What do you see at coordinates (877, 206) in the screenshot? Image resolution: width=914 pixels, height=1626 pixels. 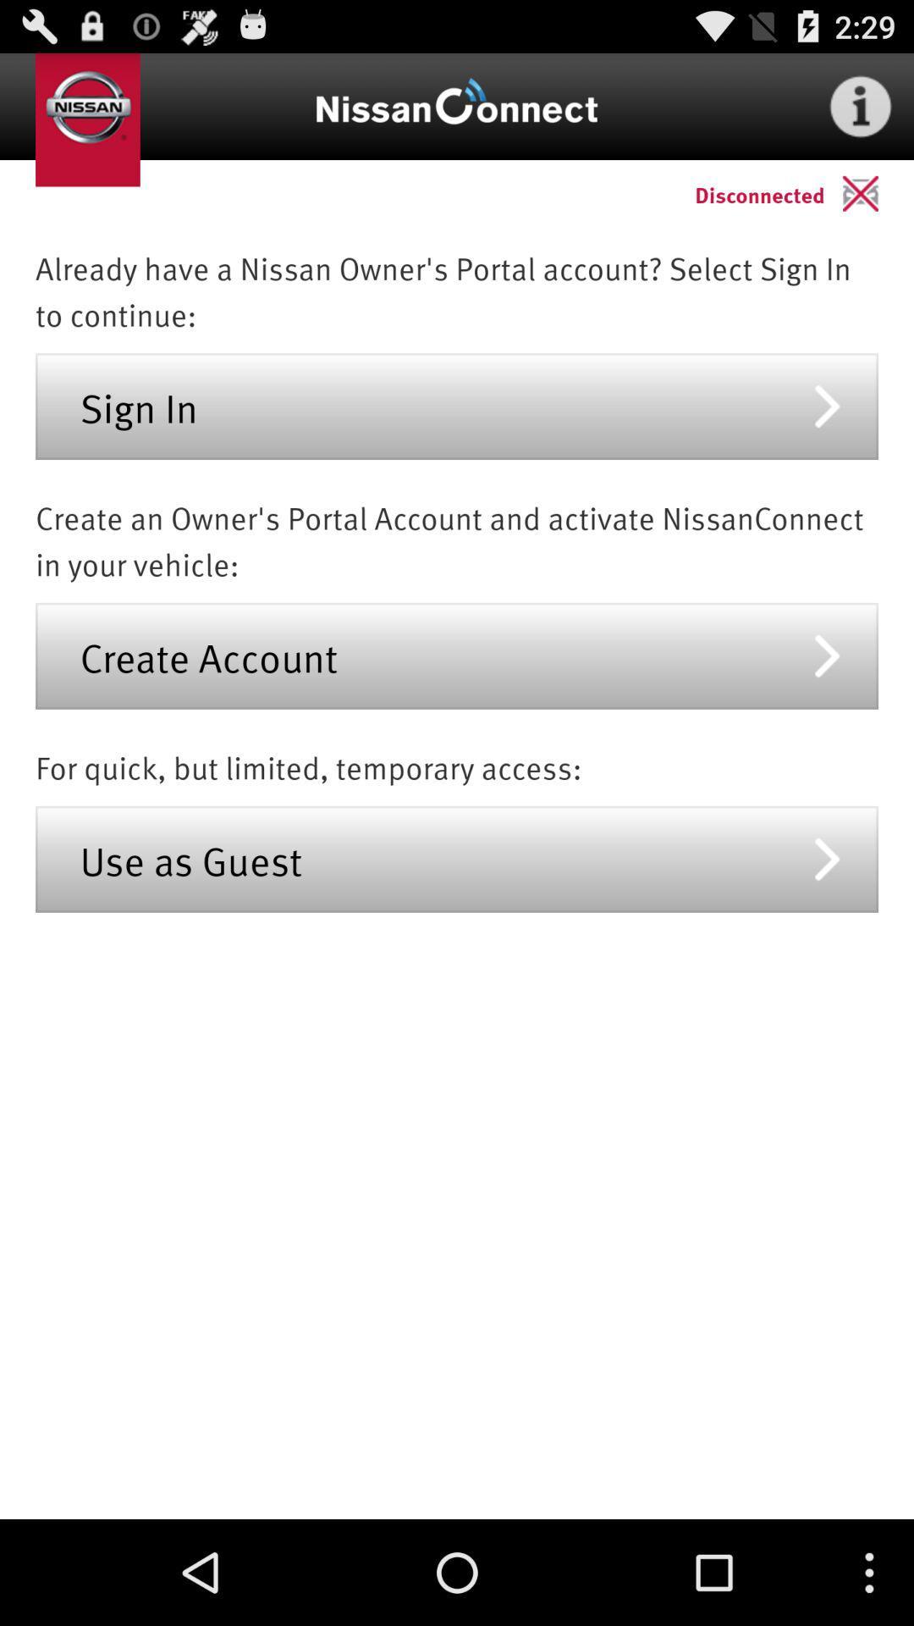 I see `the arrow_backward icon` at bounding box center [877, 206].